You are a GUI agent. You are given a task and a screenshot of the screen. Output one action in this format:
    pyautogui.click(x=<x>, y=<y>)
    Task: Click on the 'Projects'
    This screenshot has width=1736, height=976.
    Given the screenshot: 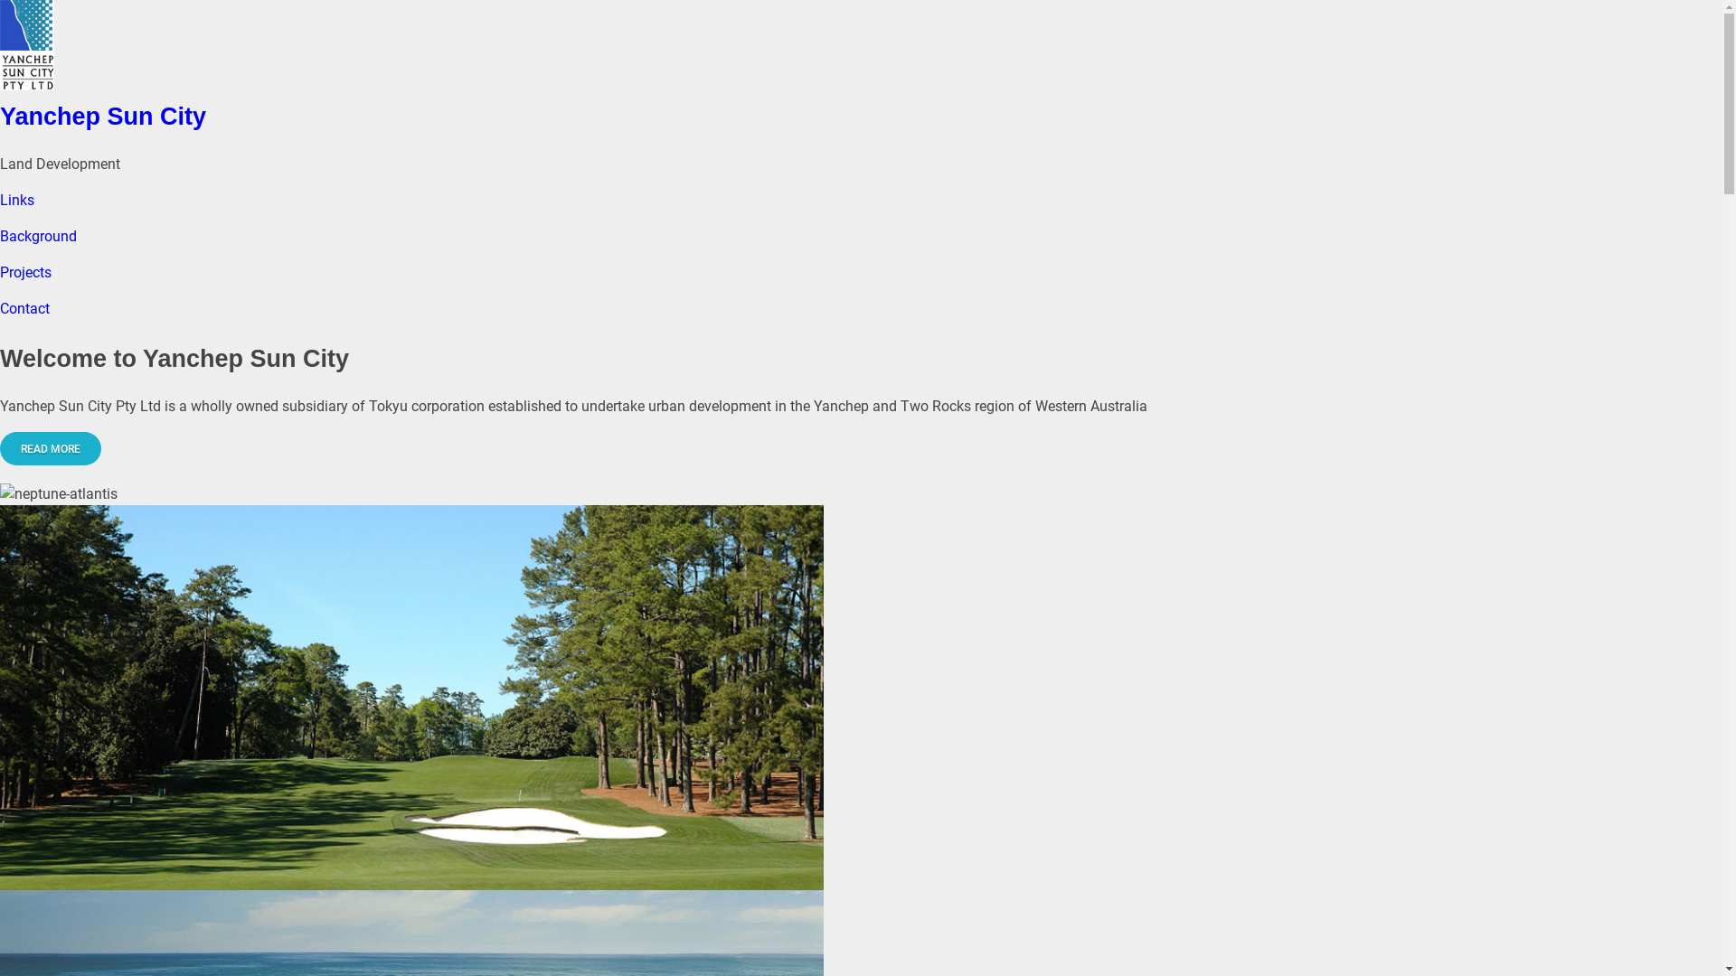 What is the action you would take?
    pyautogui.click(x=25, y=272)
    